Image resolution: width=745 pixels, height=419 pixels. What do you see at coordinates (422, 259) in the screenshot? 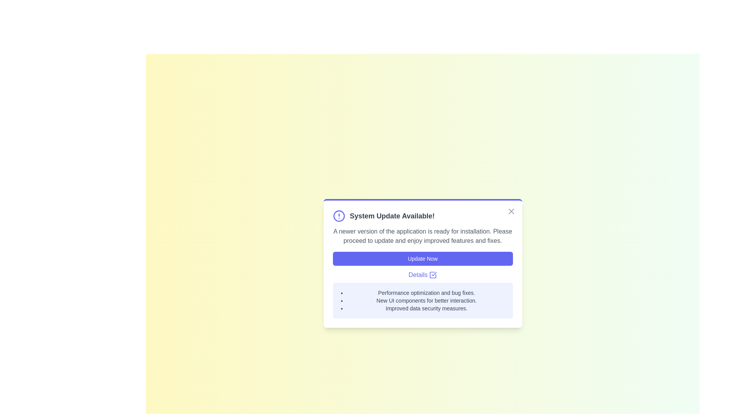
I see `'Update Now' button to initiate the update process` at bounding box center [422, 259].